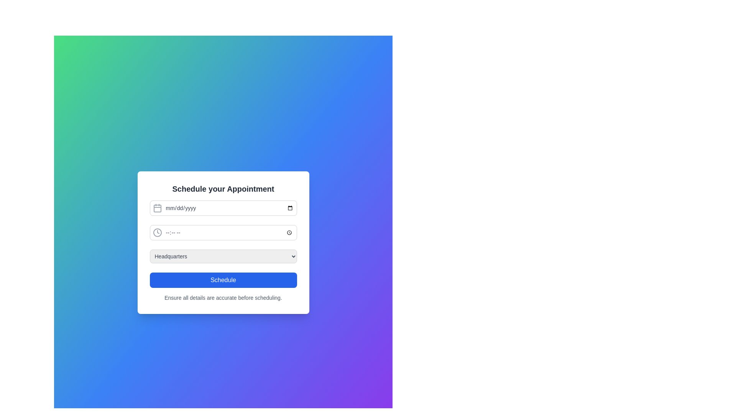 This screenshot has width=736, height=414. What do you see at coordinates (157, 232) in the screenshot?
I see `the circle element of the SVG clock icon, which indicates the purpose of the adjacent time input field in the appointment scheduling form` at bounding box center [157, 232].